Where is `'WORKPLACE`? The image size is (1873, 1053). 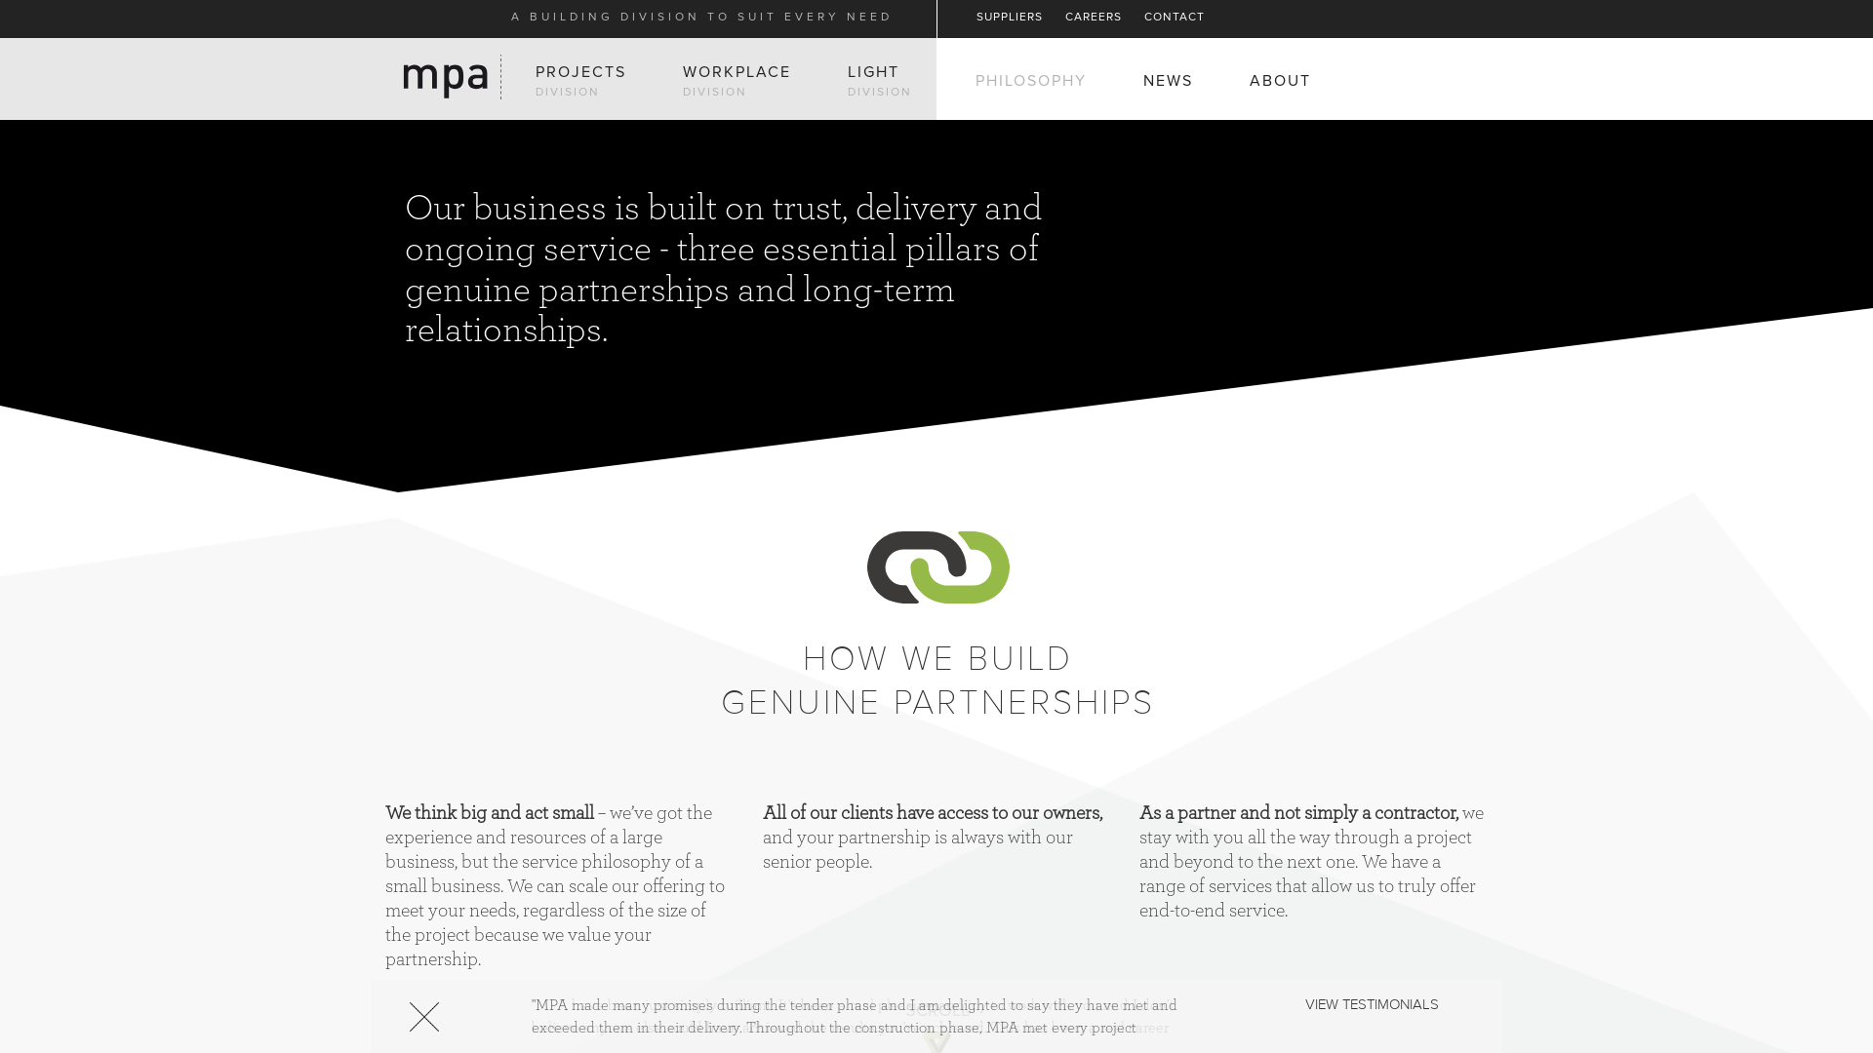
'WORKPLACE is located at coordinates (683, 80).